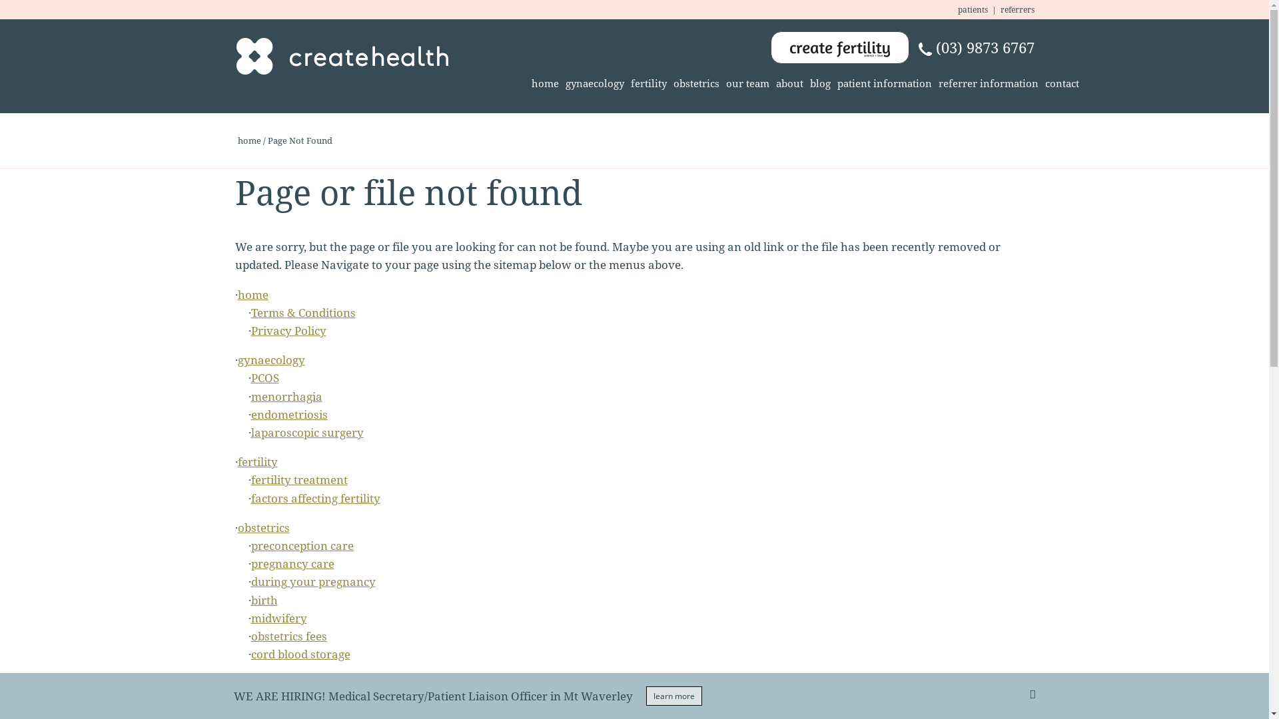 The image size is (1279, 719). Describe the element at coordinates (298, 479) in the screenshot. I see `'fertility treatment'` at that location.